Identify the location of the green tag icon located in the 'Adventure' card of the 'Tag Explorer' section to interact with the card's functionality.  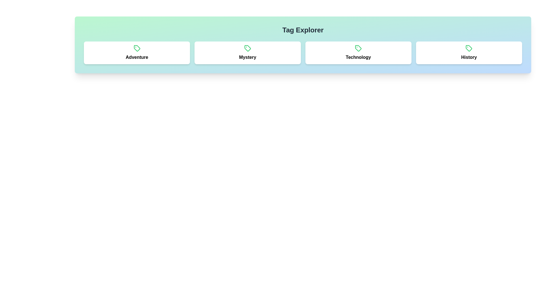
(137, 48).